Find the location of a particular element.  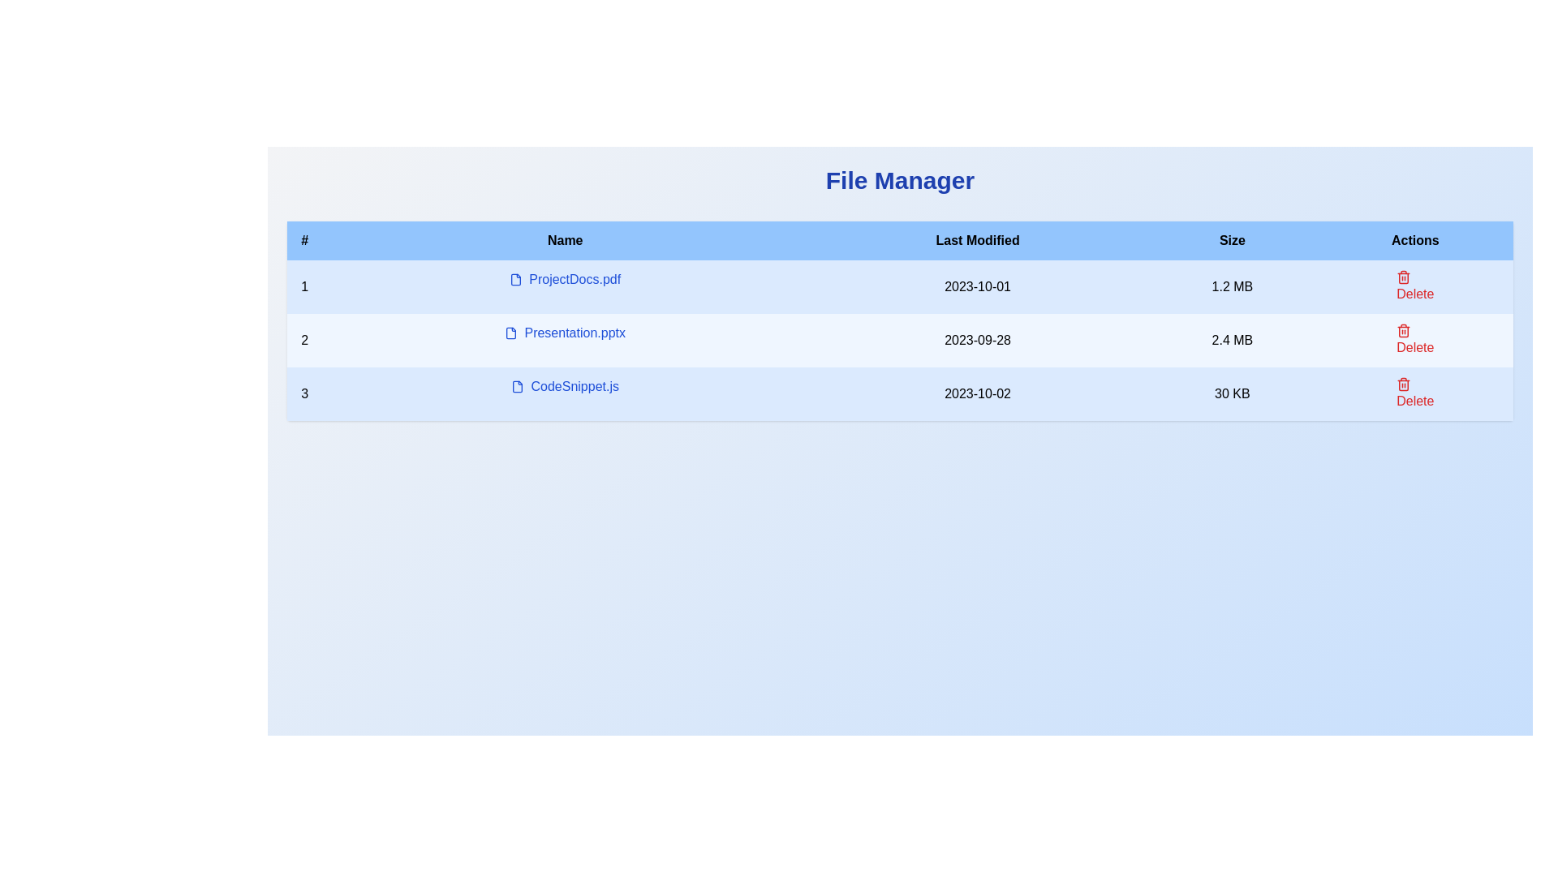

the text label element displaying '30 KB' in the 'Size' column of the last row is located at coordinates (1232, 394).